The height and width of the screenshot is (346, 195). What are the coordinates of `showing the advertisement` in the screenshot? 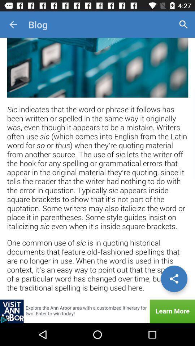 It's located at (97, 311).